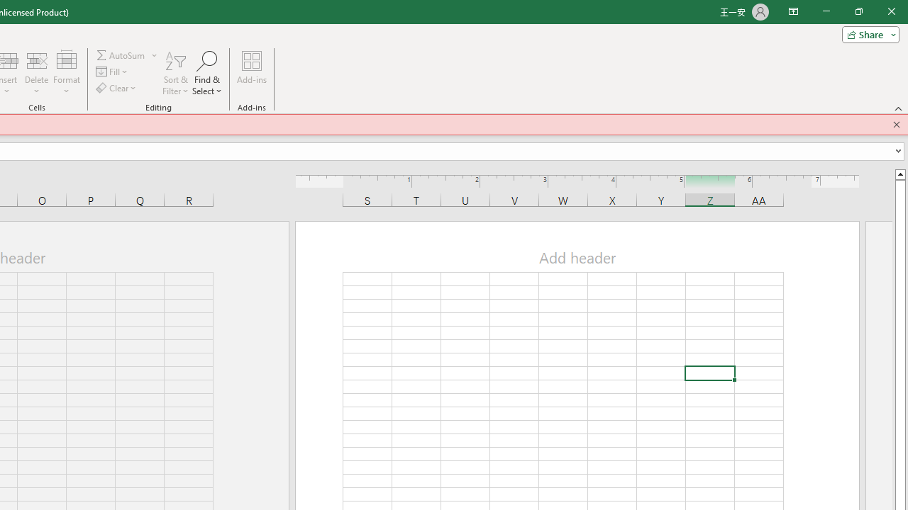 The height and width of the screenshot is (510, 908). What do you see at coordinates (206, 73) in the screenshot?
I see `'Find & Select'` at bounding box center [206, 73].